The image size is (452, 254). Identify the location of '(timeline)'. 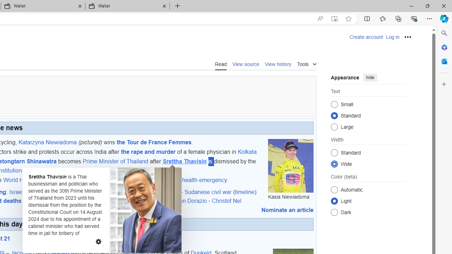
(245, 192).